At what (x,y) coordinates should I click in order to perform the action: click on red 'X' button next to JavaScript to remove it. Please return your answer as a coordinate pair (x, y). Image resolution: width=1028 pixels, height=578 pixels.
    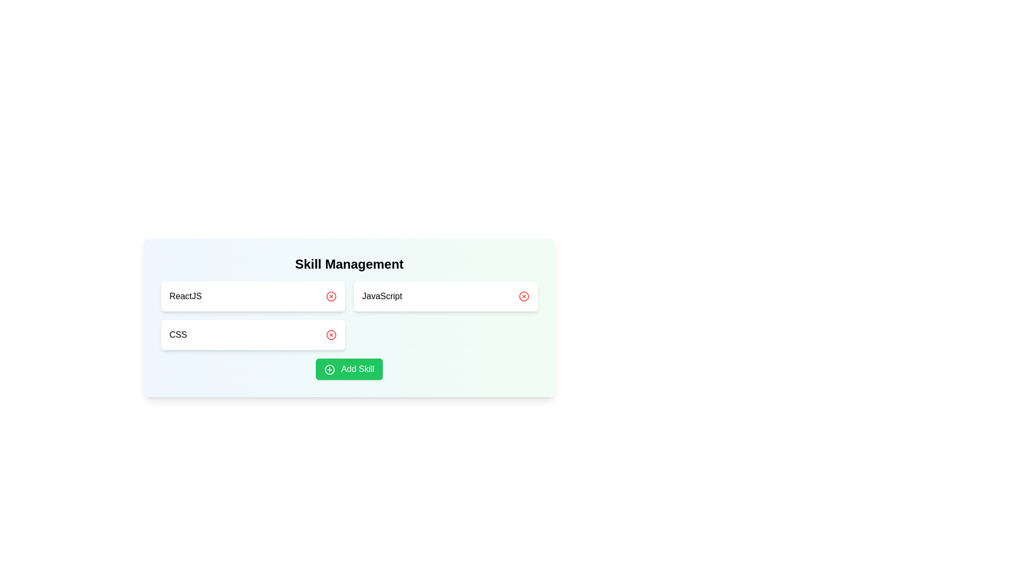
    Looking at the image, I should click on (524, 296).